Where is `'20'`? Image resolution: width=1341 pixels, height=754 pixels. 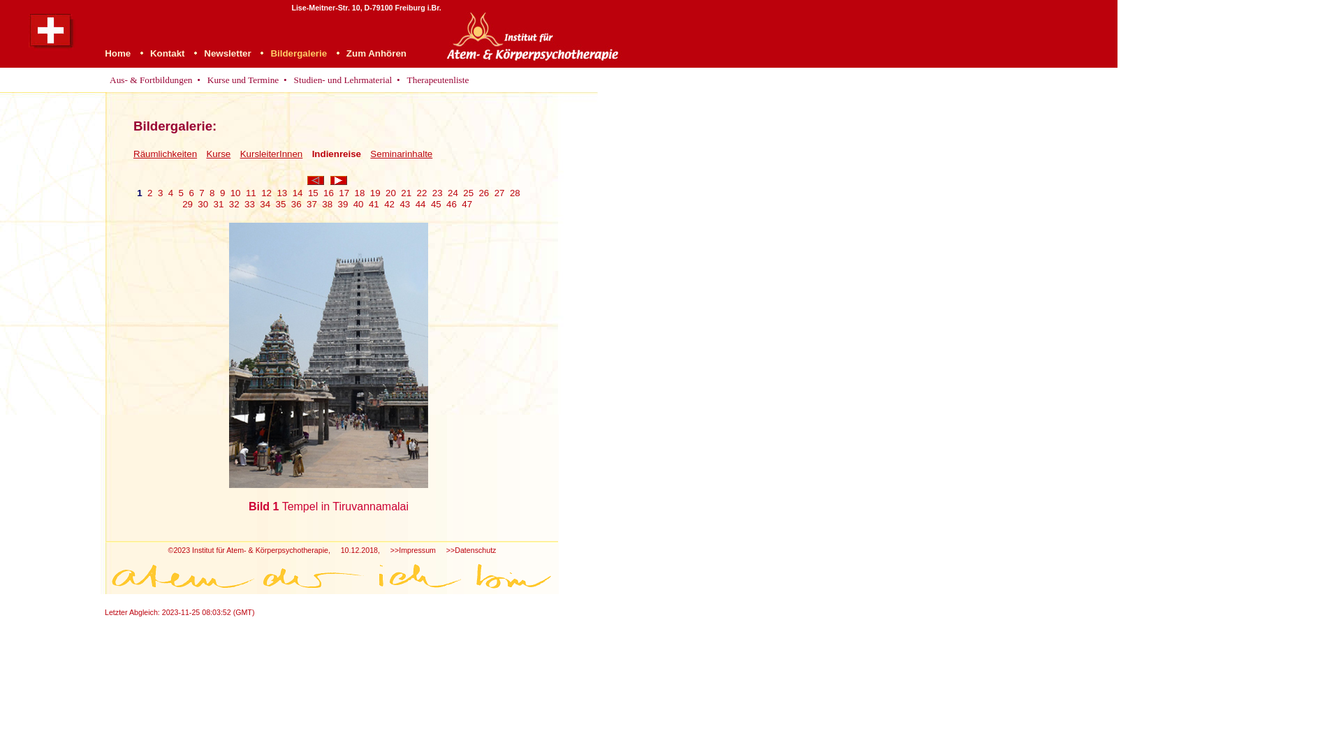
'20' is located at coordinates (390, 193).